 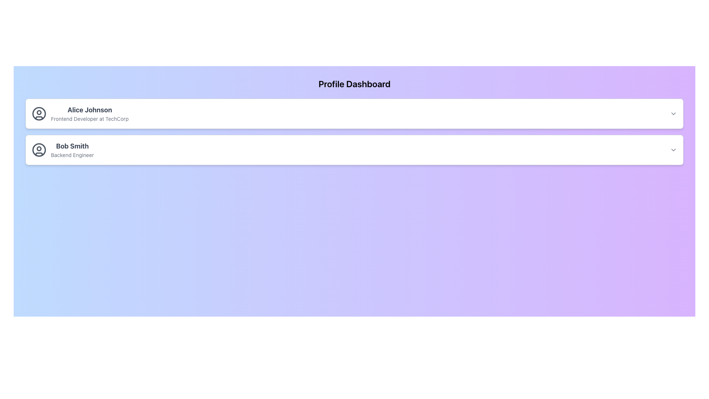 What do you see at coordinates (89, 110) in the screenshot?
I see `the text label displaying 'Alice Johnson' which is bold and larger in font size, located at the top-left of the first profile card` at bounding box center [89, 110].